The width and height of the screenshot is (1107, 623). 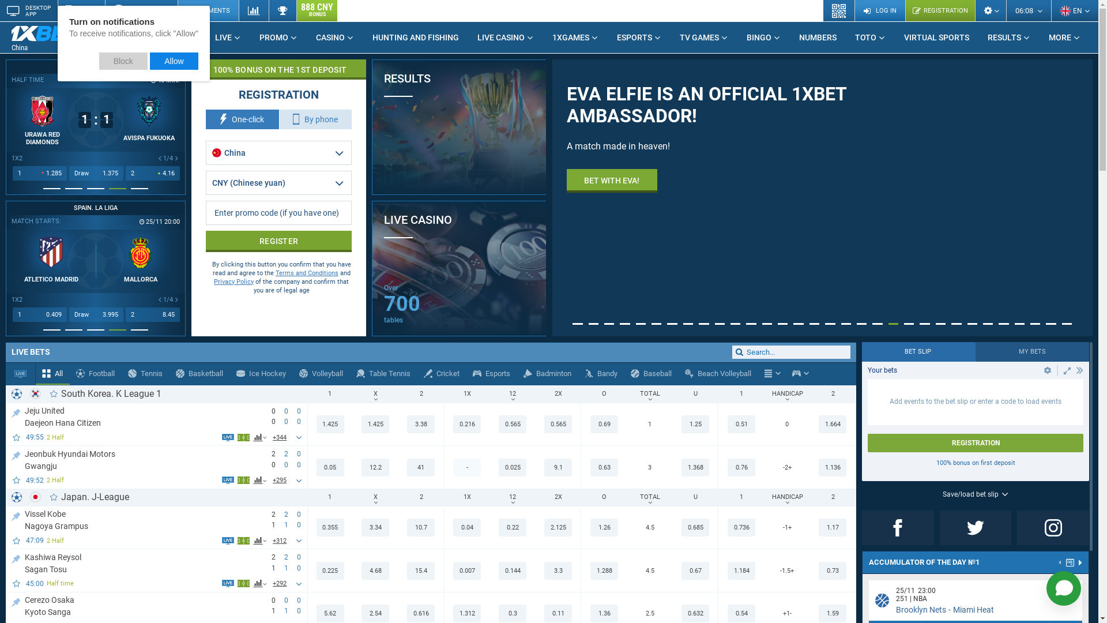 What do you see at coordinates (315, 119) in the screenshot?
I see `'By phone'` at bounding box center [315, 119].